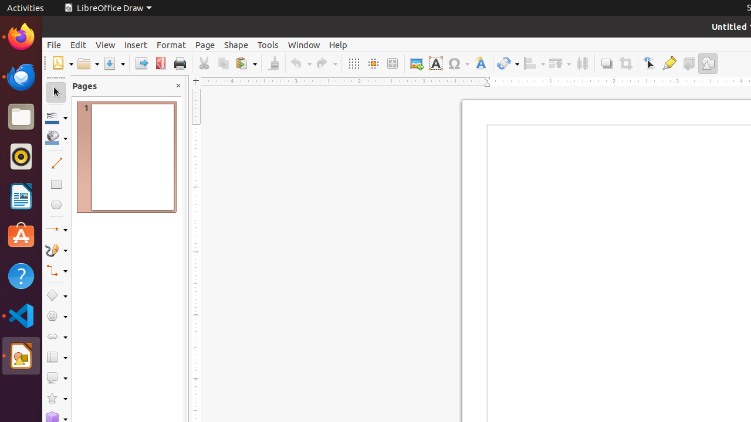  What do you see at coordinates (300, 63) in the screenshot?
I see `'Undo'` at bounding box center [300, 63].